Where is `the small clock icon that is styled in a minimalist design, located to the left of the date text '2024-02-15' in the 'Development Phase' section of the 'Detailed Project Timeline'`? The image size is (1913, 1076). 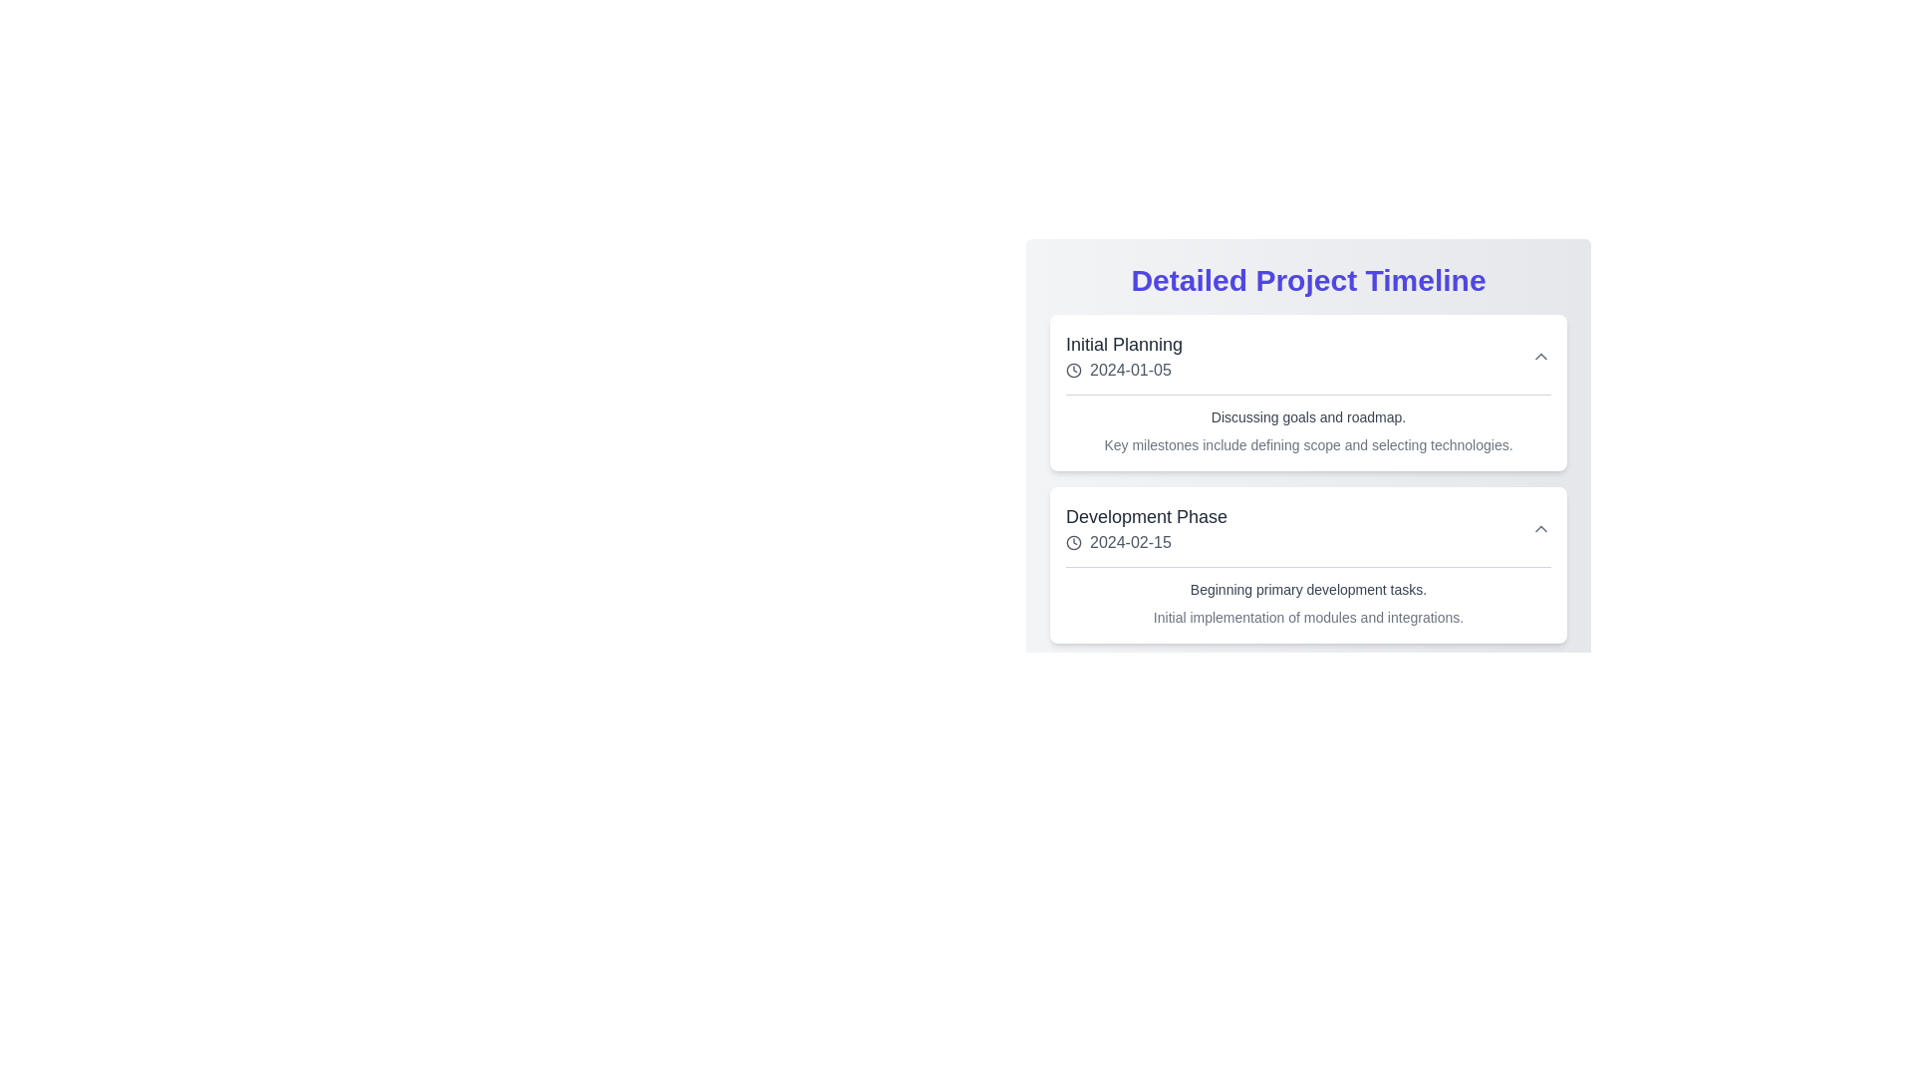 the small clock icon that is styled in a minimalist design, located to the left of the date text '2024-02-15' in the 'Development Phase' section of the 'Detailed Project Timeline' is located at coordinates (1073, 542).